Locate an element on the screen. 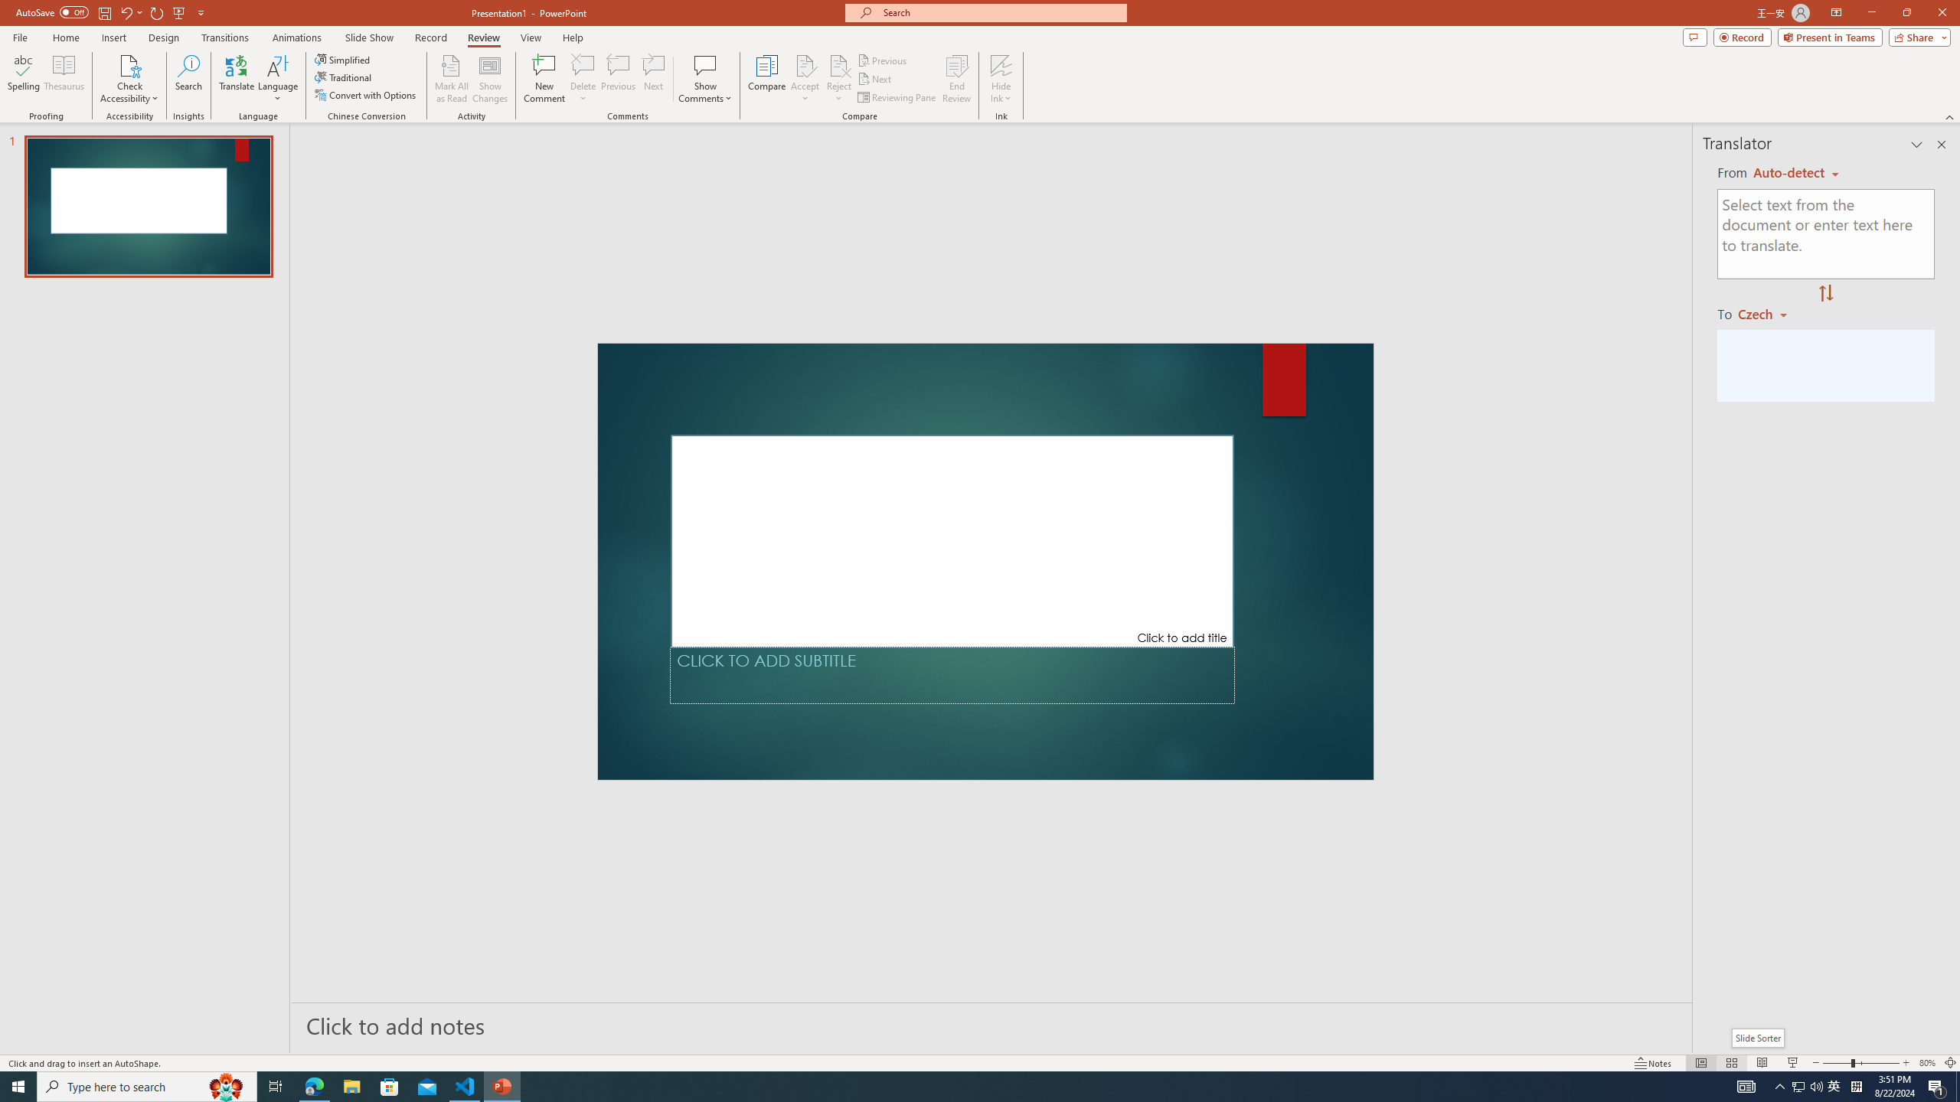 This screenshot has height=1102, width=1960. 'Close pane' is located at coordinates (1941, 144).